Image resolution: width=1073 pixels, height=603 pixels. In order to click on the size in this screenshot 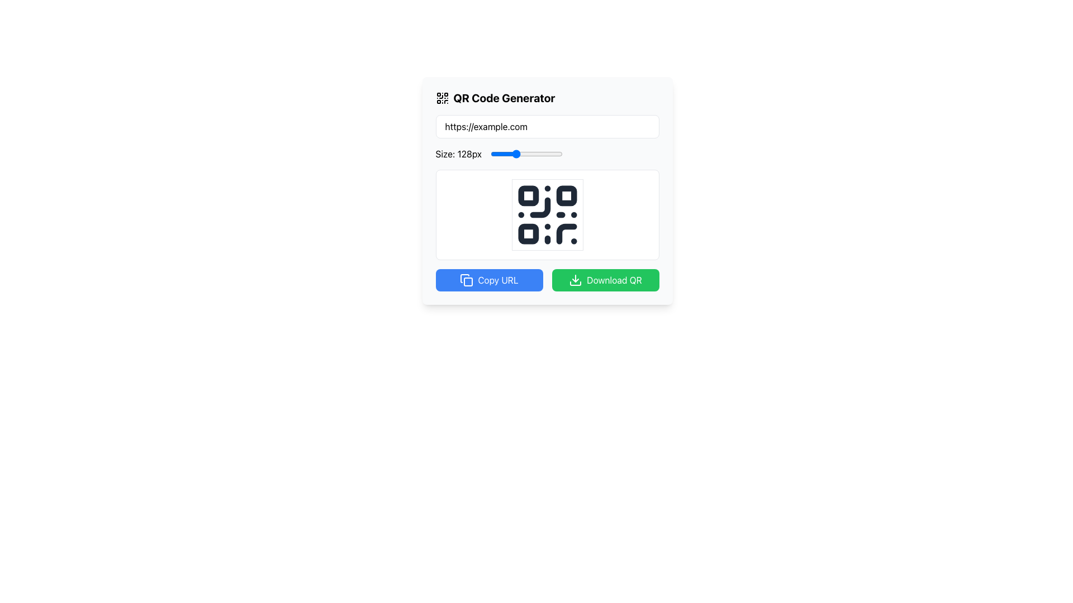, I will do `click(531, 154)`.